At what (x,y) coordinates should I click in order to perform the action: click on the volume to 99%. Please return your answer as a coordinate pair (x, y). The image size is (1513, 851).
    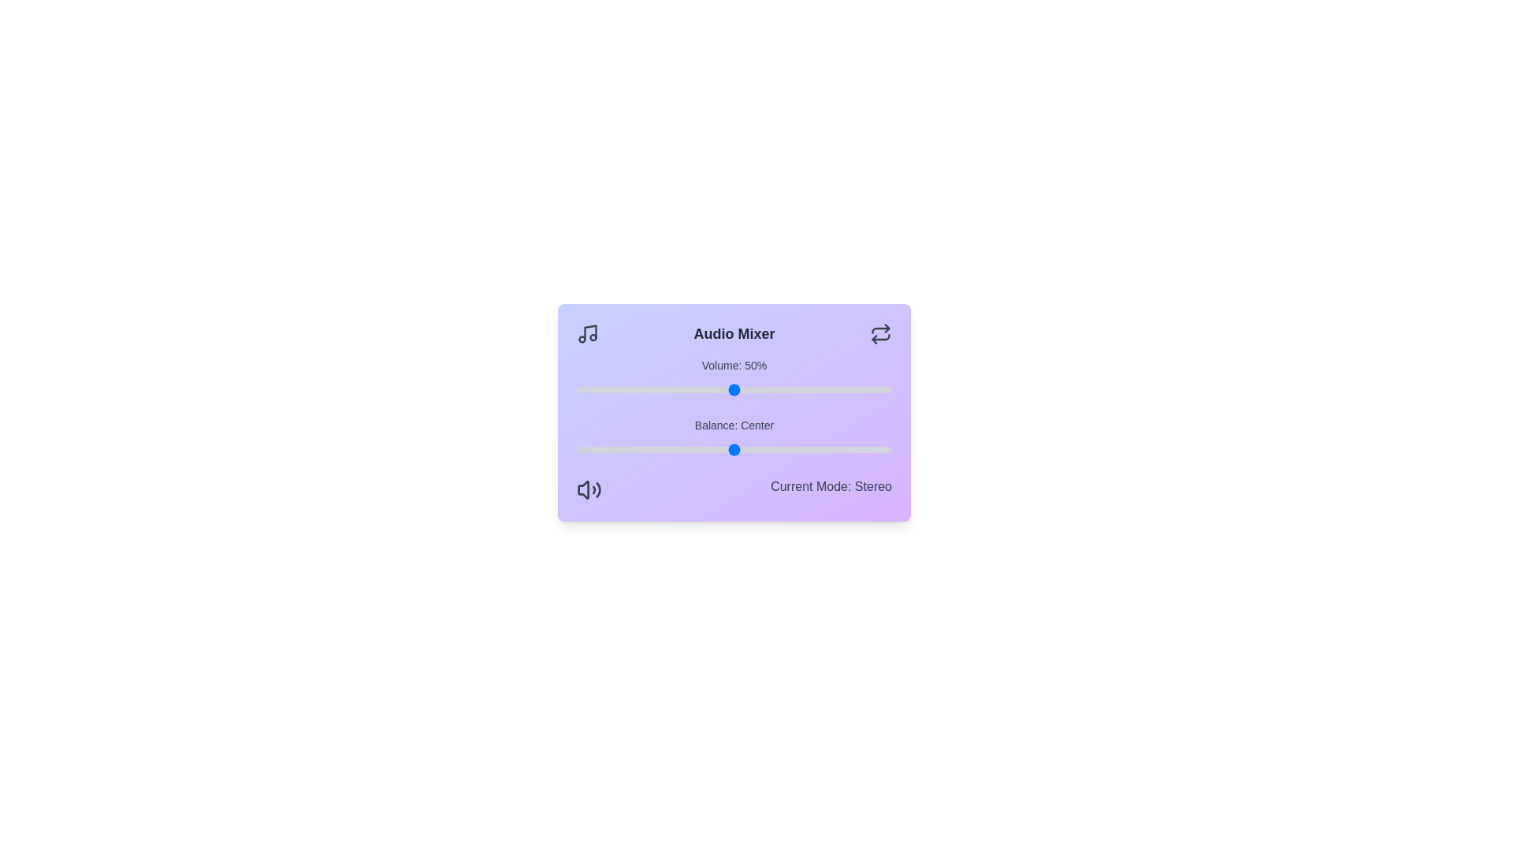
    Looking at the image, I should click on (889, 389).